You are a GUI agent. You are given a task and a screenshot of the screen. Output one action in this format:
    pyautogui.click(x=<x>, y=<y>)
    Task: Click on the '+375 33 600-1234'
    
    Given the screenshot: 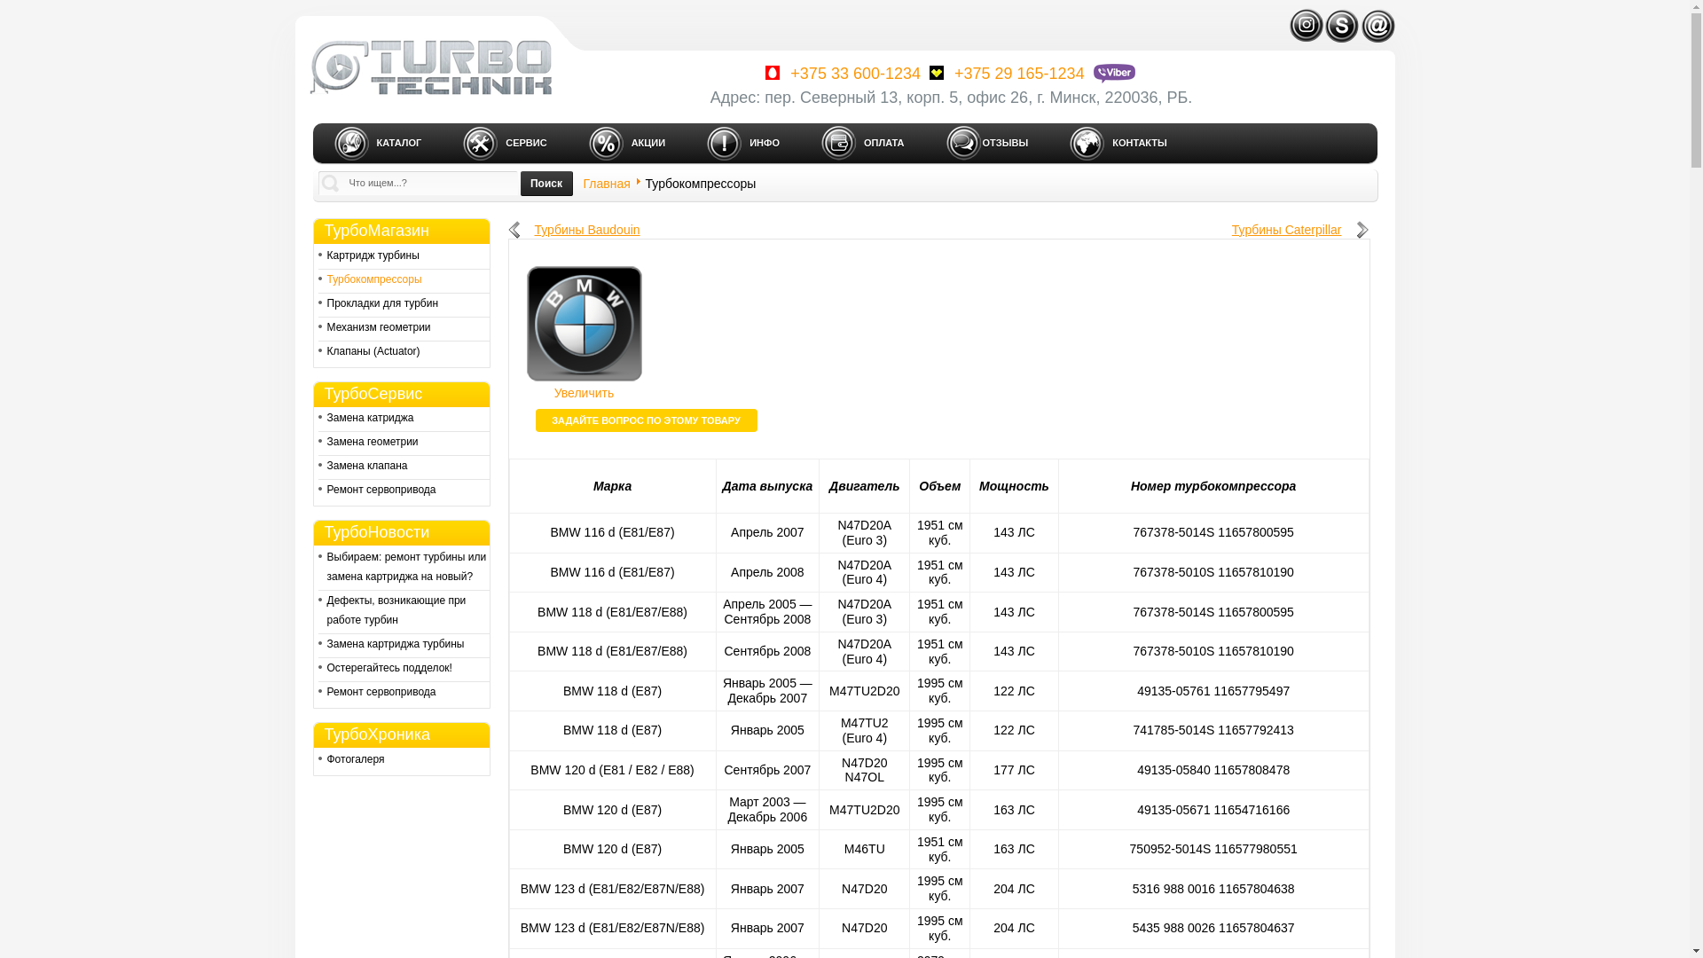 What is the action you would take?
    pyautogui.click(x=840, y=73)
    